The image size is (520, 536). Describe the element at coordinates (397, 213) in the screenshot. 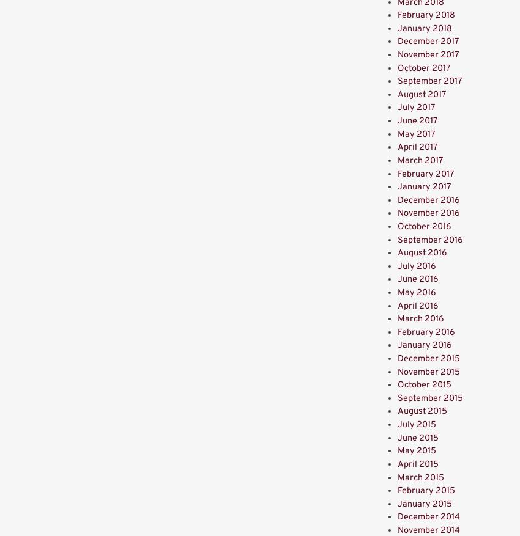

I see `'November 2016'` at that location.